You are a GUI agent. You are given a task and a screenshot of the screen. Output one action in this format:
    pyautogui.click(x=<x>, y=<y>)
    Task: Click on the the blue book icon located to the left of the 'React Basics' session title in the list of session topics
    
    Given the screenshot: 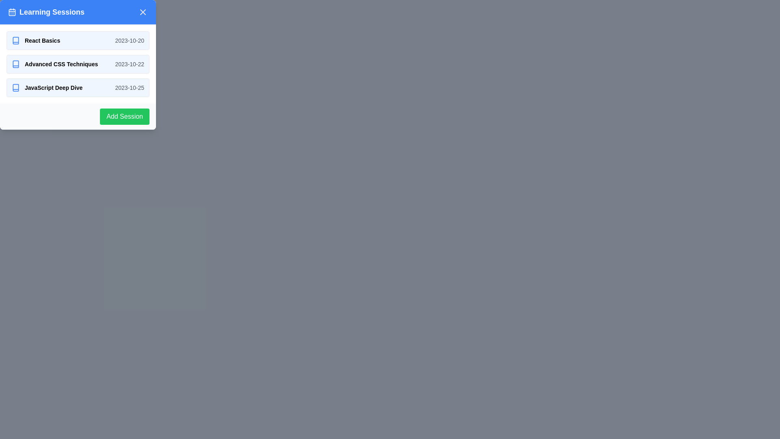 What is the action you would take?
    pyautogui.click(x=15, y=41)
    